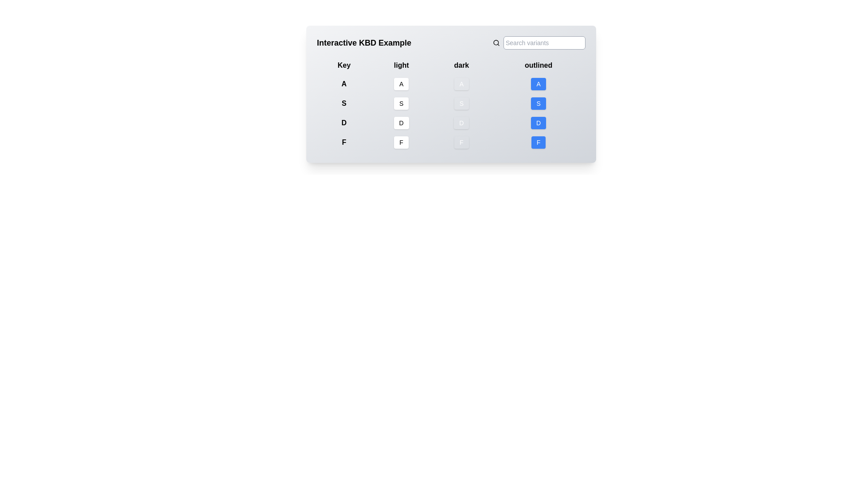 The height and width of the screenshot is (478, 851). I want to click on the third column header in the table layout, which is positioned between the 'light' header on the left and the 'outlined' header on the right, so click(451, 65).